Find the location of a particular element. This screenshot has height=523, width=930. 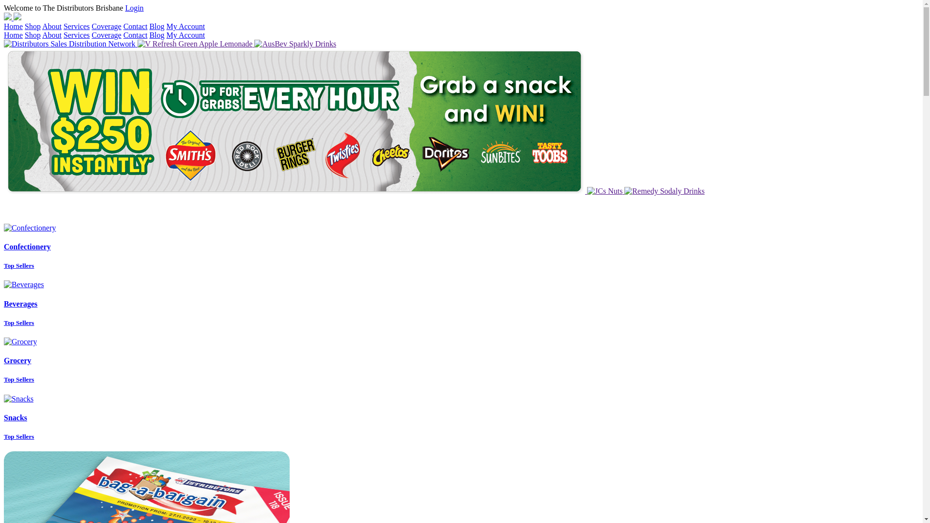

'Coverage' is located at coordinates (106, 34).